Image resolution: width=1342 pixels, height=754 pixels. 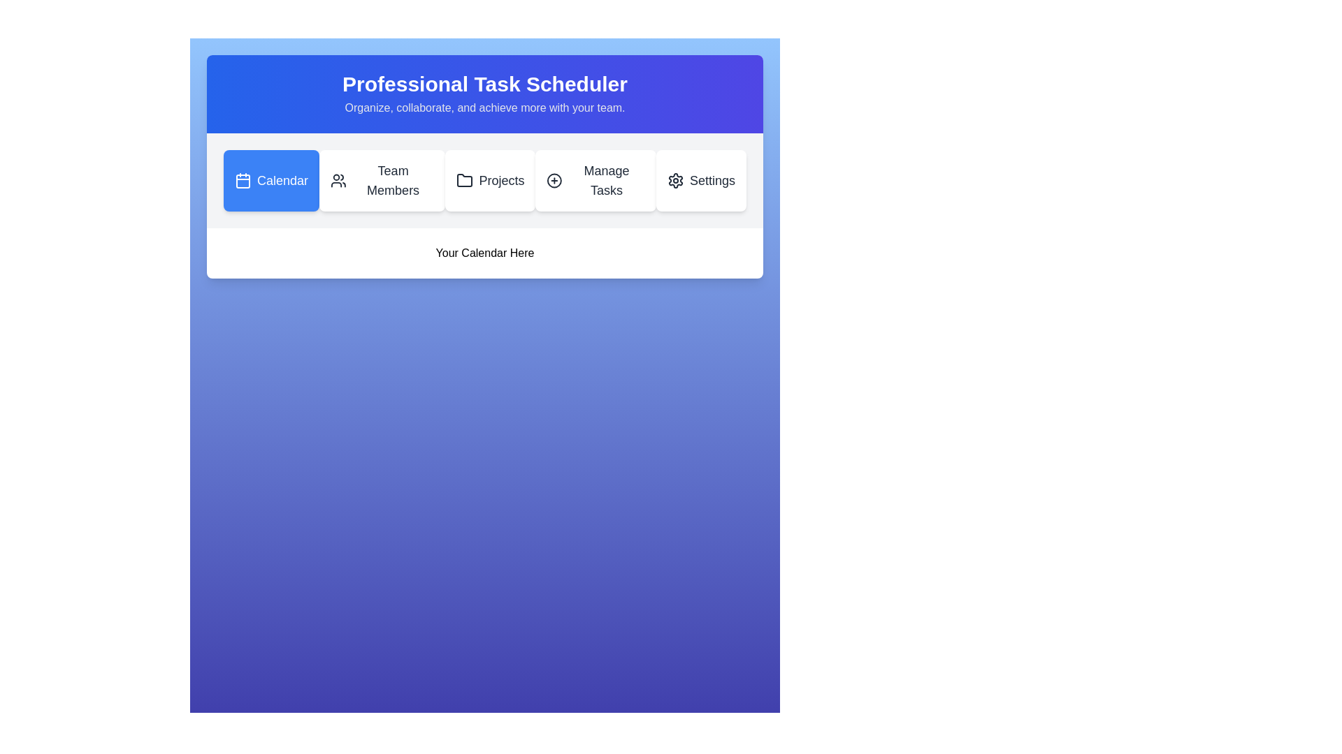 I want to click on the 'Team Members' icon, so click(x=338, y=179).